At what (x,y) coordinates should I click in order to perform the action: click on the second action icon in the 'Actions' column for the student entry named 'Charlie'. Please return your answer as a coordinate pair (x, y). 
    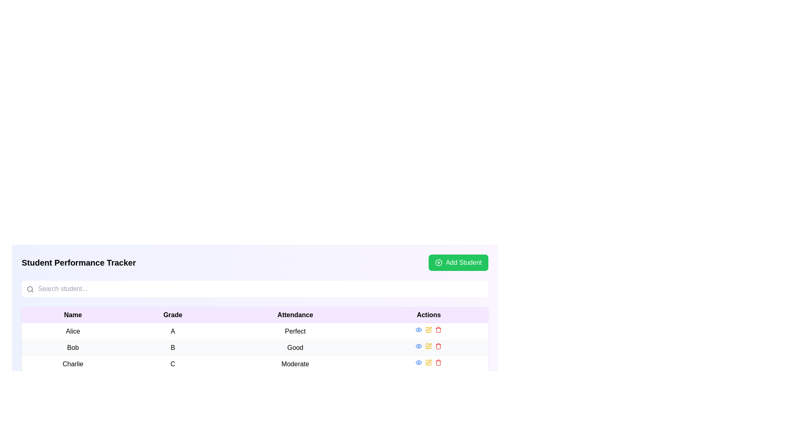
    Looking at the image, I should click on (429, 361).